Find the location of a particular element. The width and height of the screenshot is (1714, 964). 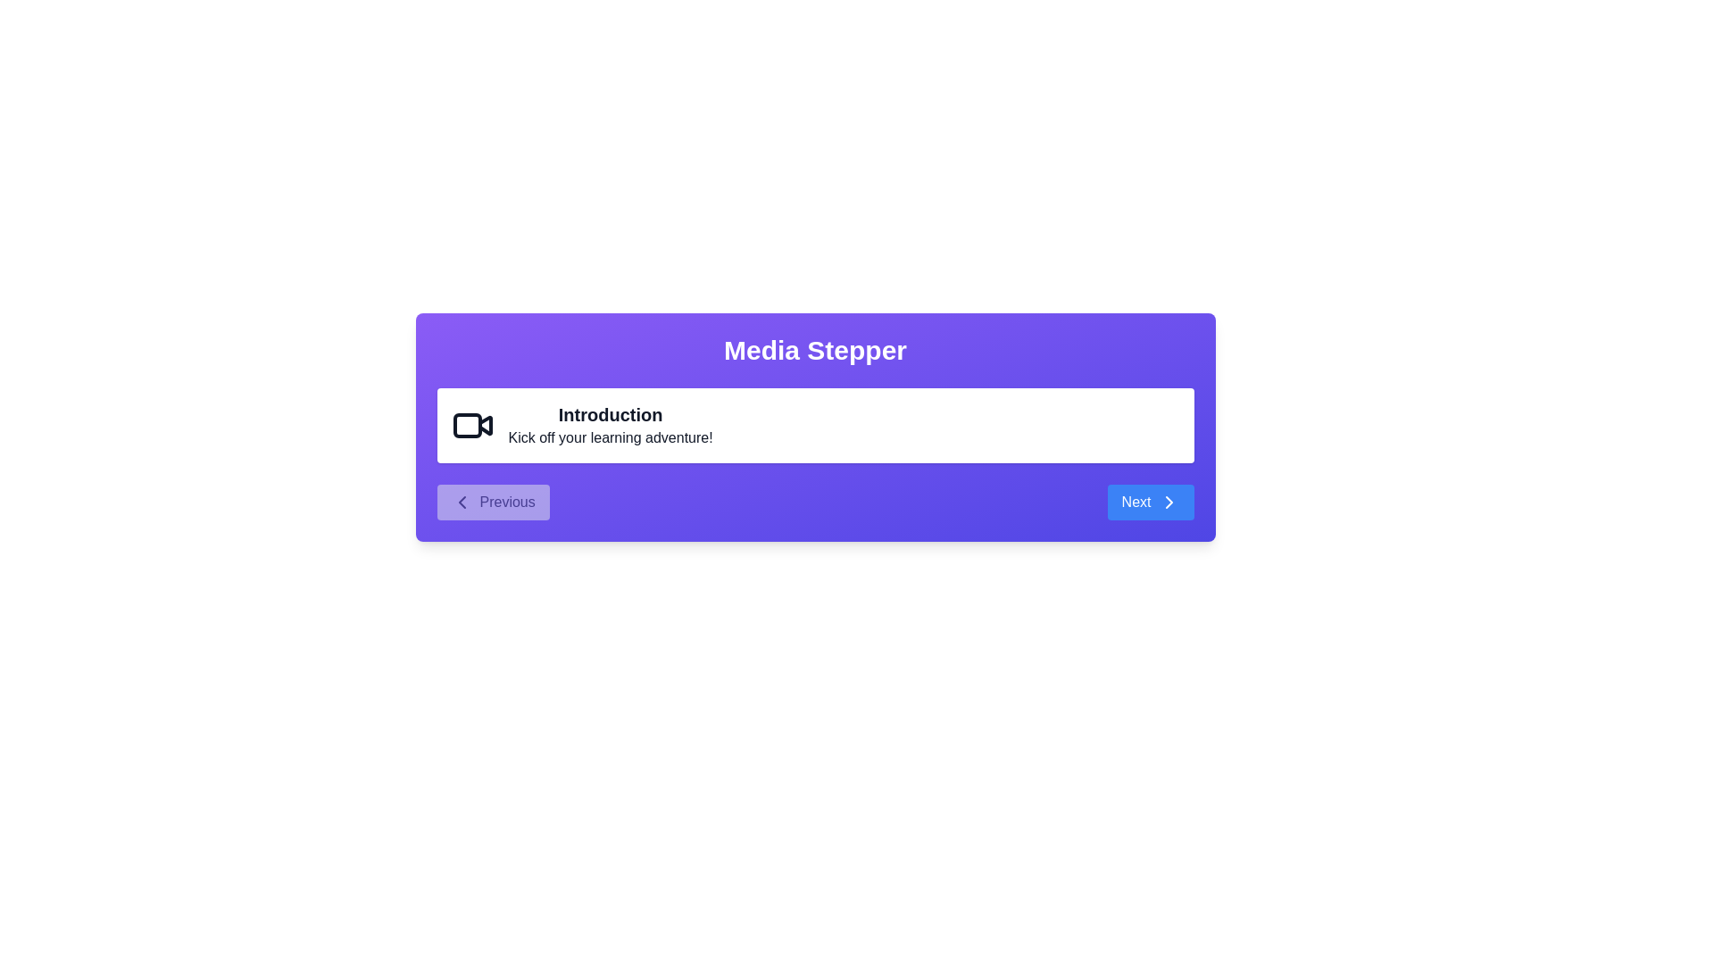

the icon representing the current step in the MediaContentStepper component is located at coordinates (472, 426).